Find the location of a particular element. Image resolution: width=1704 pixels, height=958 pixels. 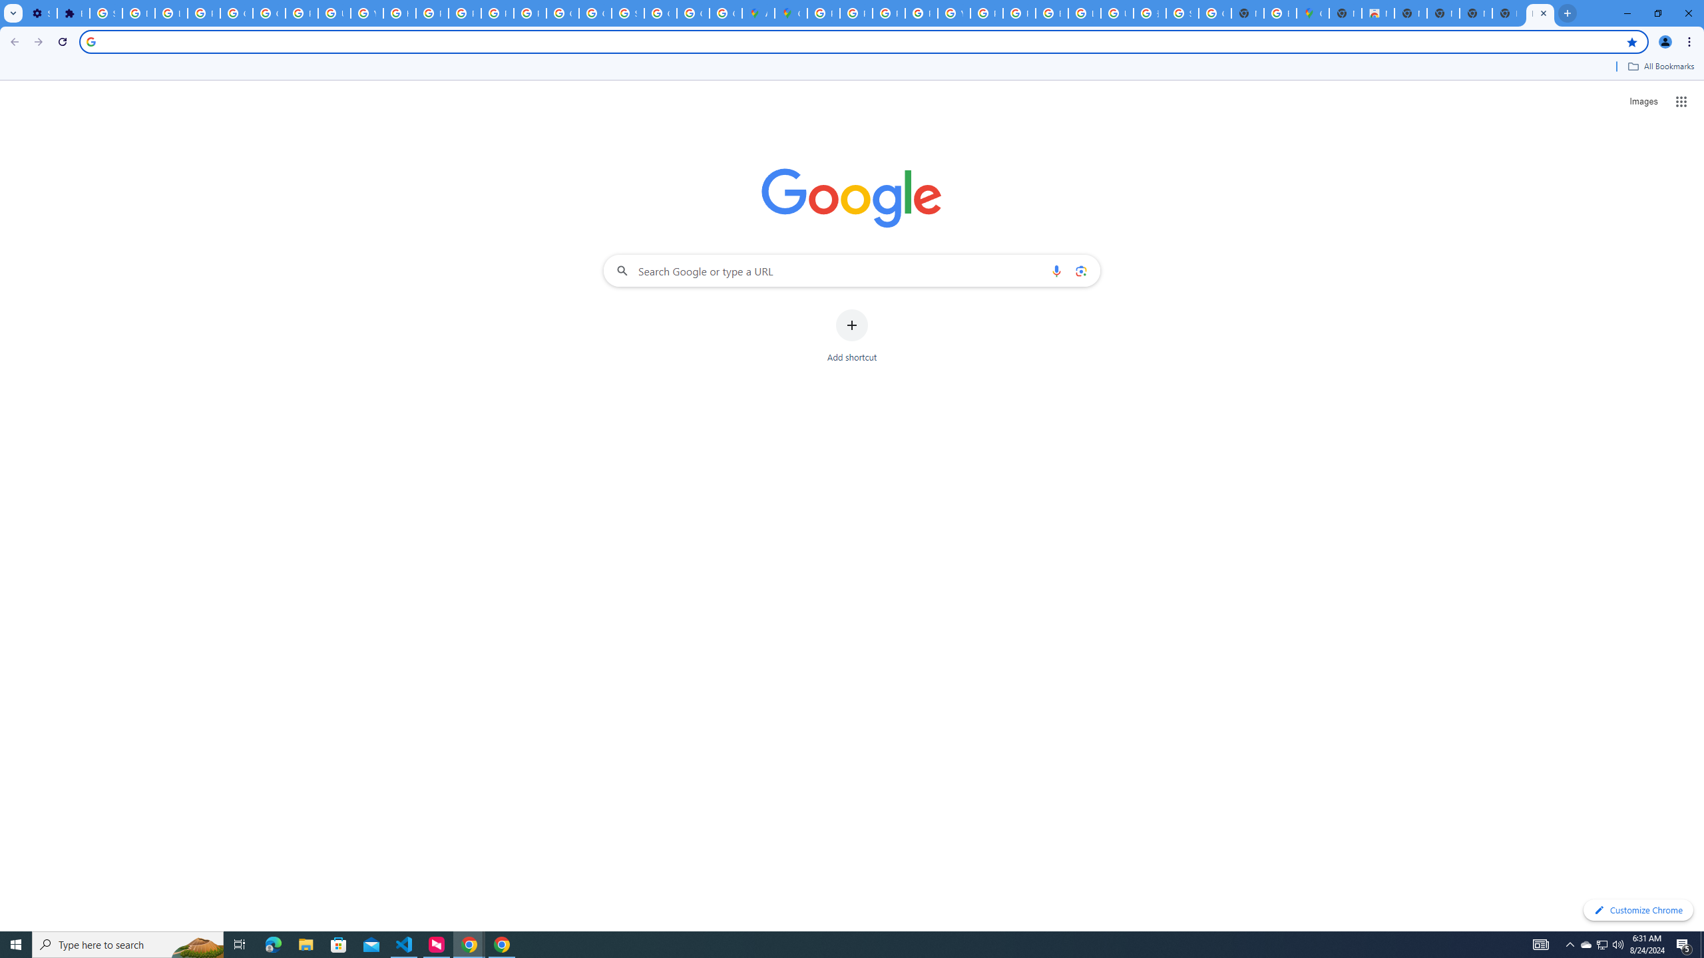

'Customize Chrome' is located at coordinates (1638, 909).